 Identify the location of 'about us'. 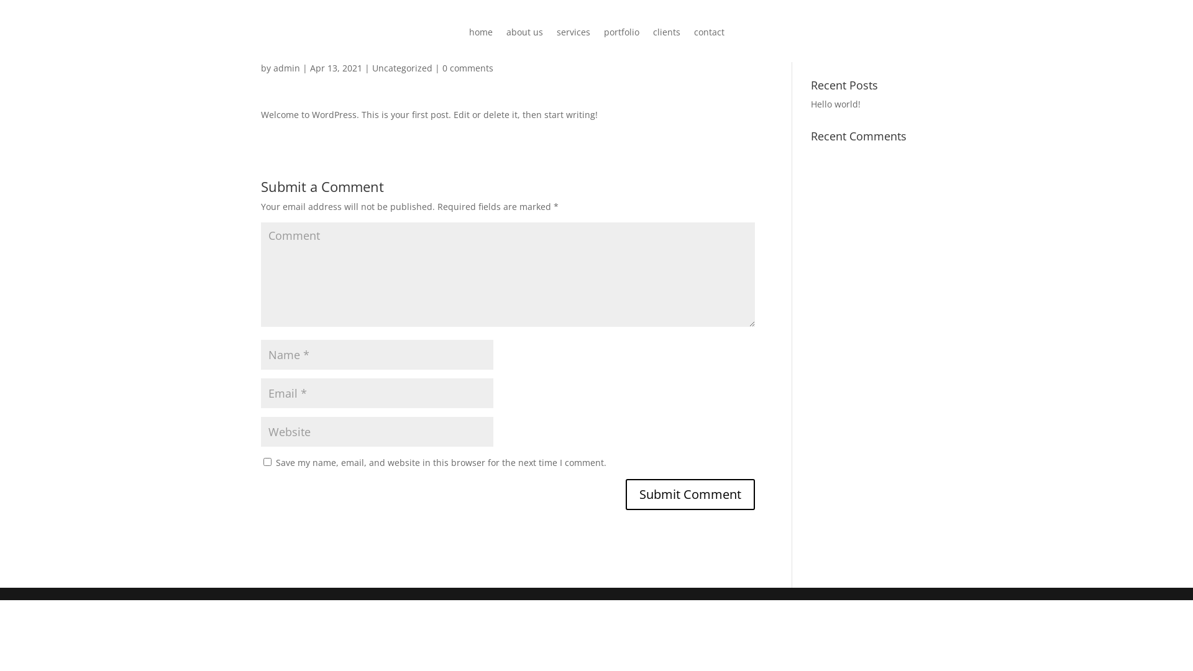
(524, 34).